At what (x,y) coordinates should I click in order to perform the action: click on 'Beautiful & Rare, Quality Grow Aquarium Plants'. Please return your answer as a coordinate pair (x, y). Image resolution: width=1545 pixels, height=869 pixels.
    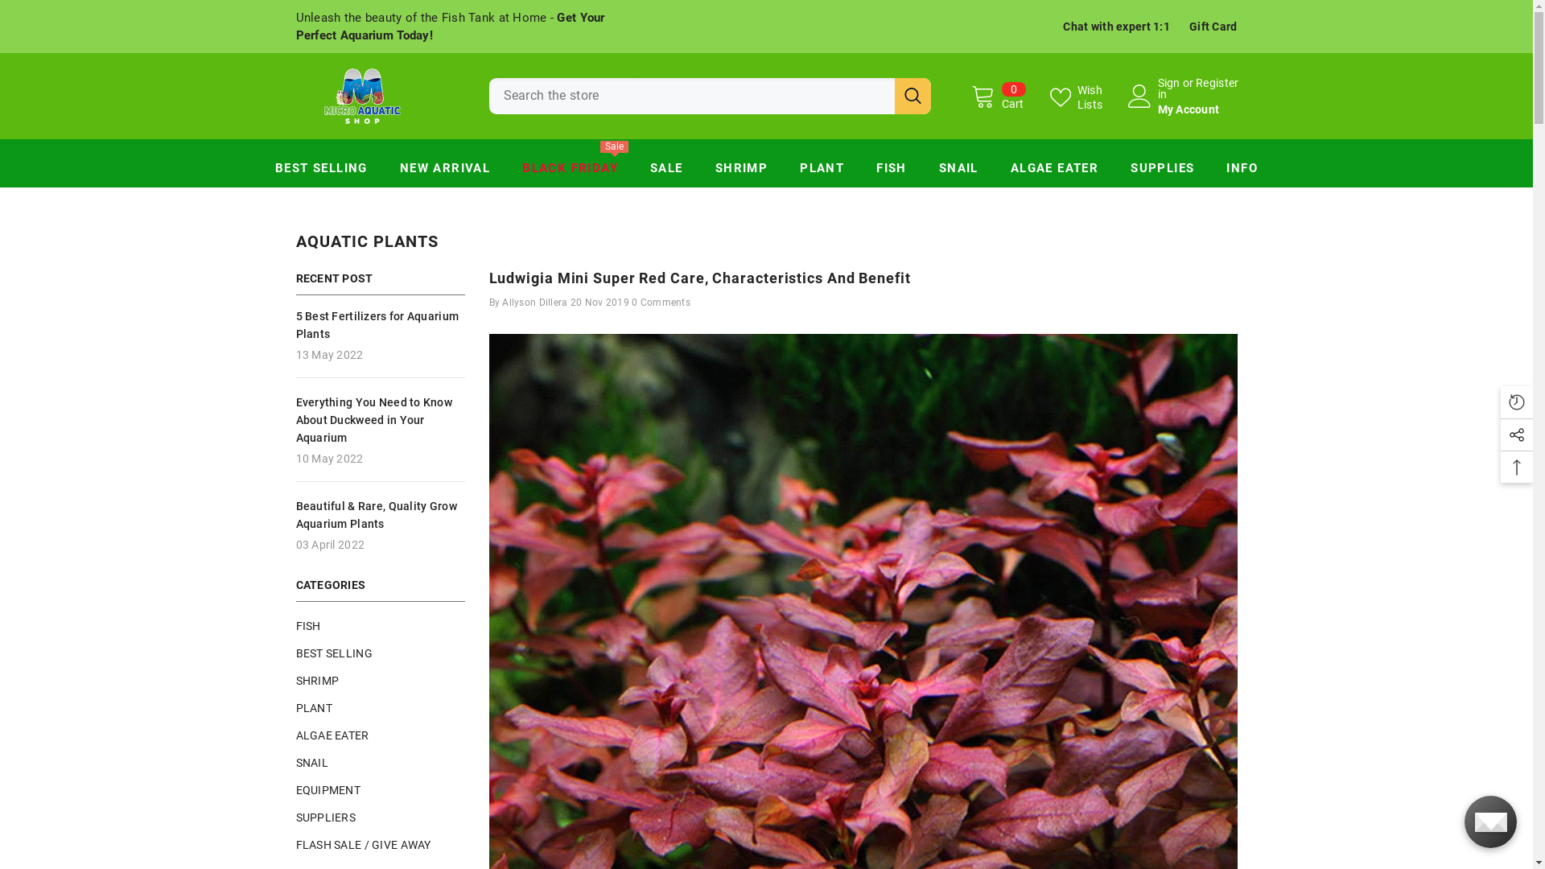
    Looking at the image, I should click on (380, 515).